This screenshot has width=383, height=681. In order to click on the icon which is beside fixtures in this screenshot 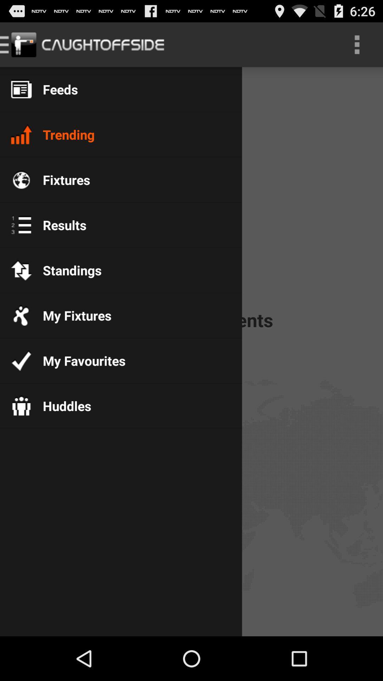, I will do `click(21, 180)`.